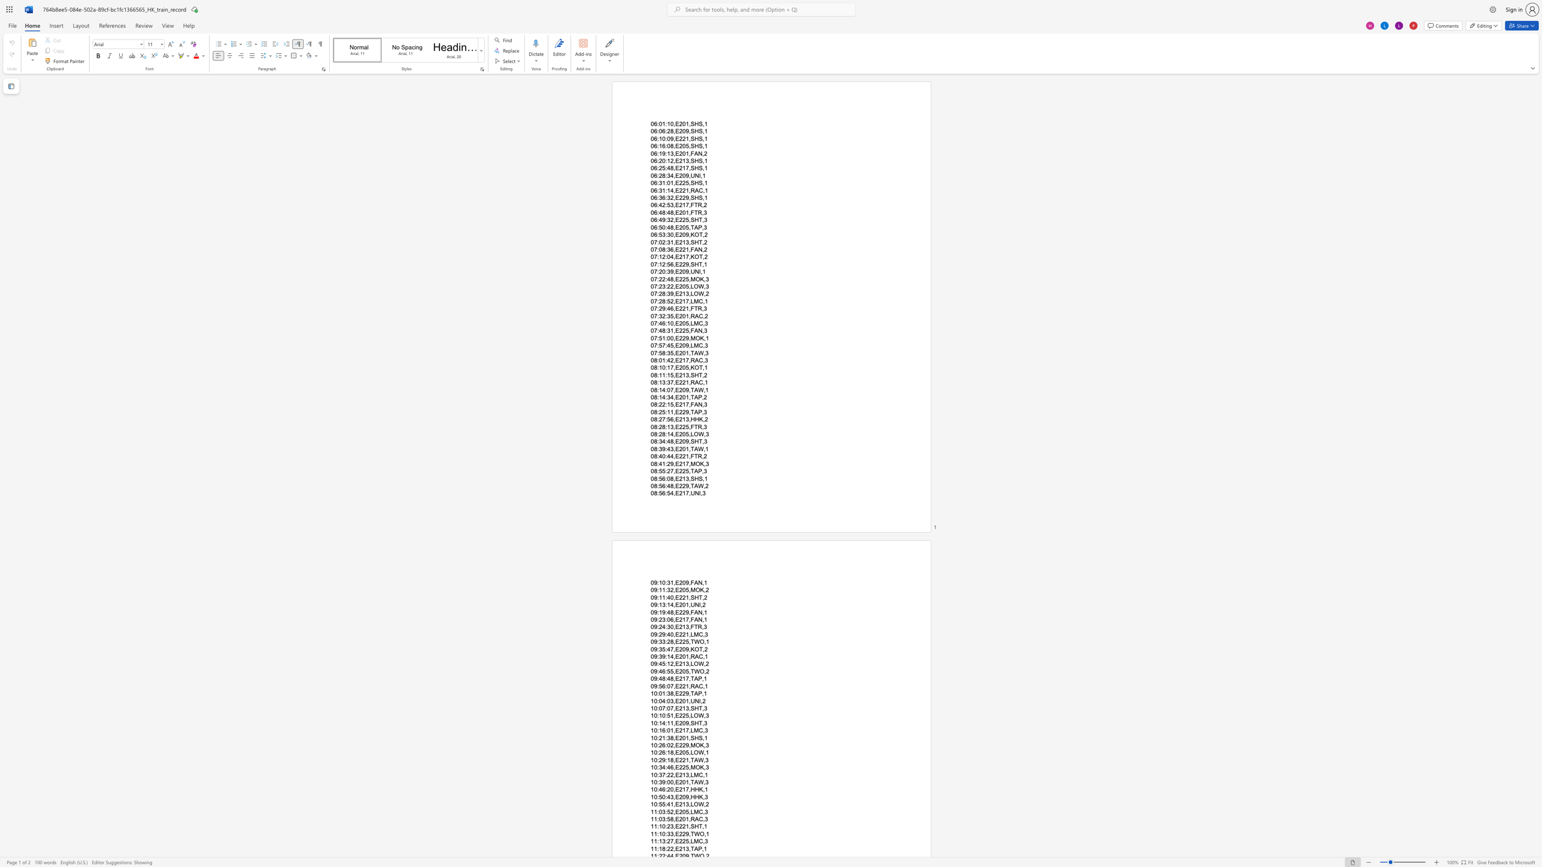  I want to click on the subset text "201,RAC" within the text "07:32:35,E201,RAC,2", so click(678, 315).